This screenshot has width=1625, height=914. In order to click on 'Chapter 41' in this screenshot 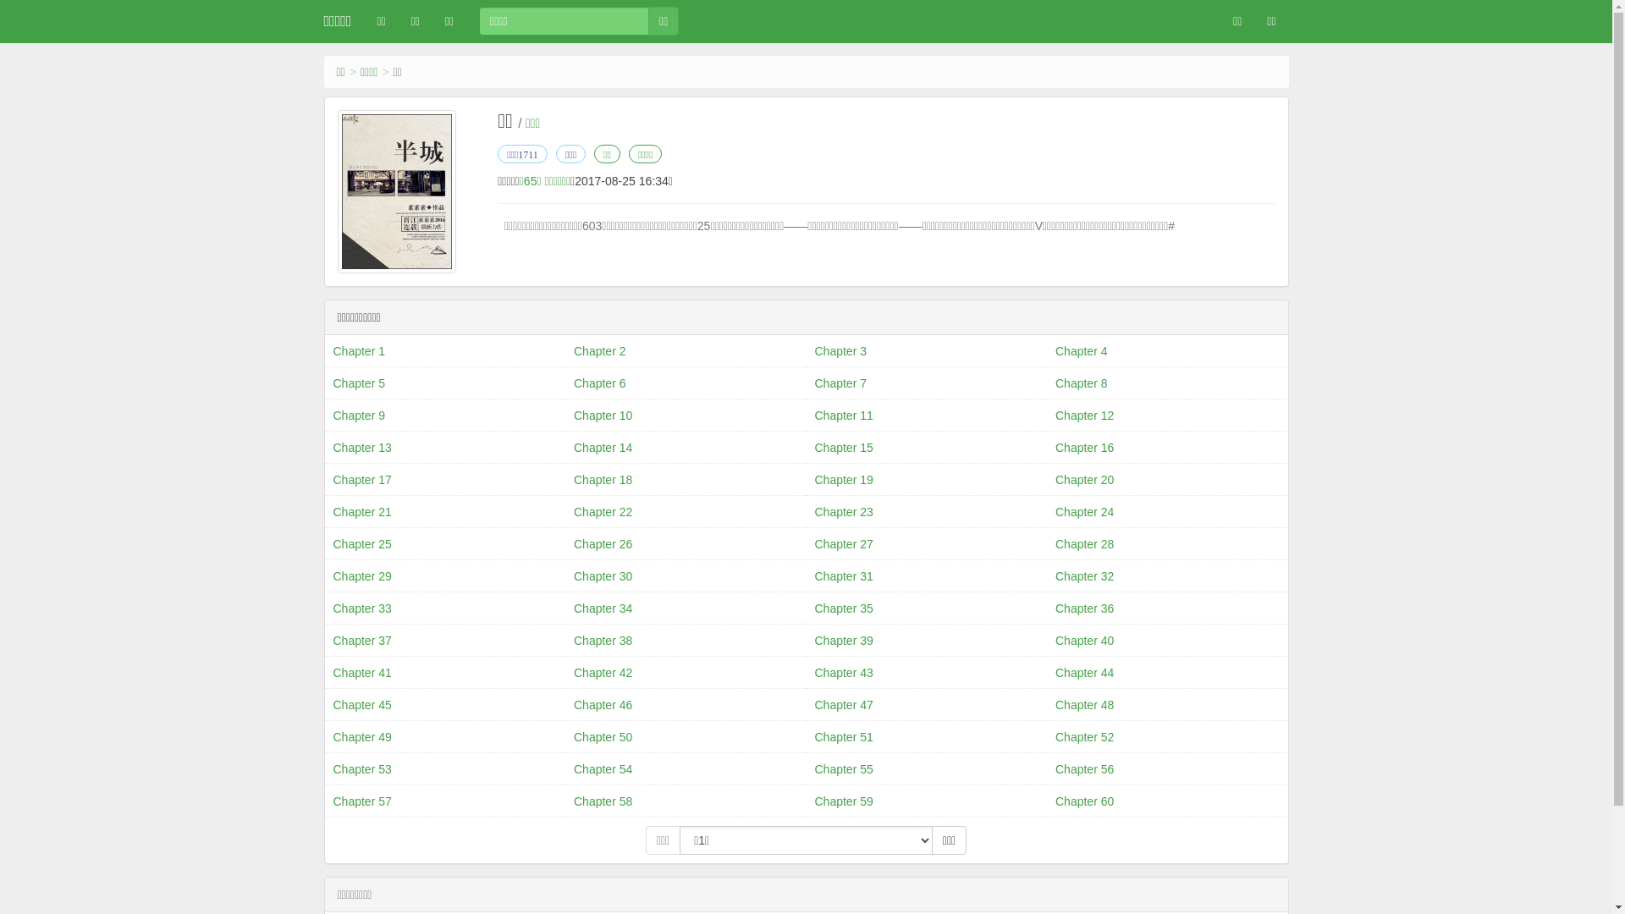, I will do `click(333, 671)`.